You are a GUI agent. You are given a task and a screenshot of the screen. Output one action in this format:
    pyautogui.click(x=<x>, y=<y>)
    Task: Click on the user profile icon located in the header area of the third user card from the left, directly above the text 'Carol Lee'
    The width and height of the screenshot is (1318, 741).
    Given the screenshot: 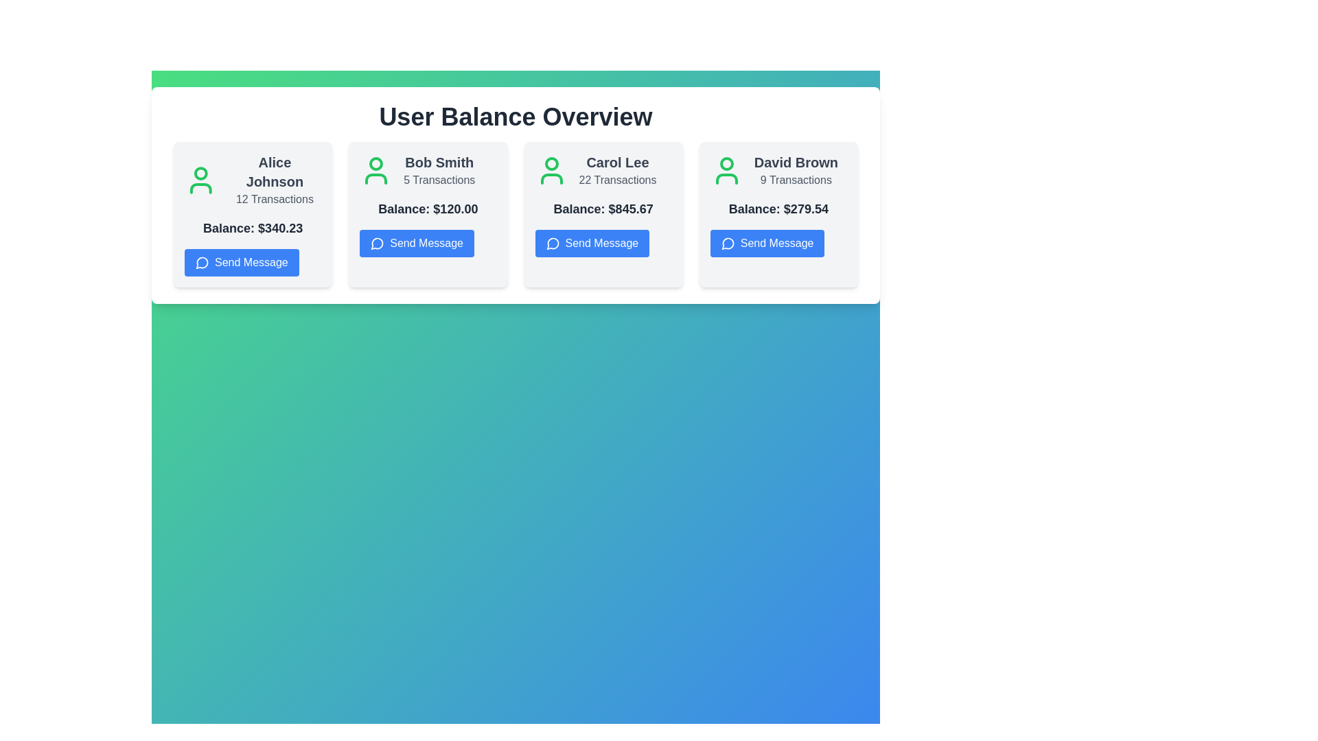 What is the action you would take?
    pyautogui.click(x=551, y=178)
    